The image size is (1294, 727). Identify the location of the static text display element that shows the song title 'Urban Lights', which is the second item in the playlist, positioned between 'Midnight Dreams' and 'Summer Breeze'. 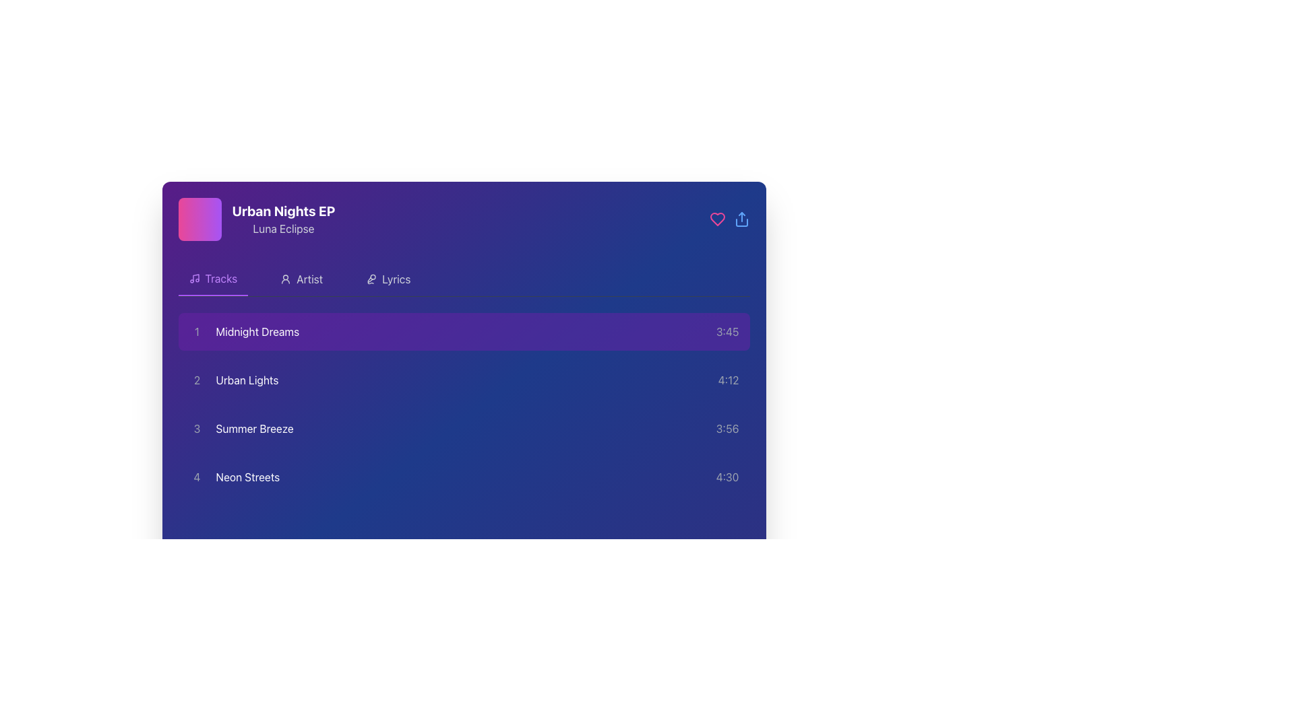
(247, 380).